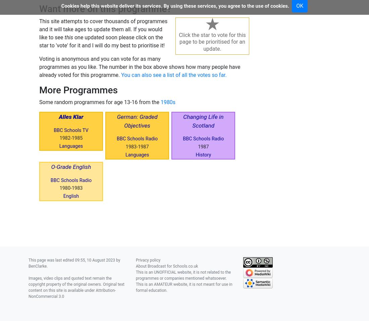 This screenshot has width=369, height=321. I want to click on 'one updated soon please click on the star to 'vote' for it and I will do my best to prioritise it!', so click(101, 41).